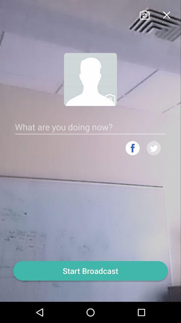  What do you see at coordinates (166, 14) in the screenshot?
I see `close` at bounding box center [166, 14].